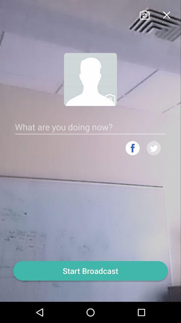  What do you see at coordinates (166, 14) in the screenshot?
I see `close` at bounding box center [166, 14].